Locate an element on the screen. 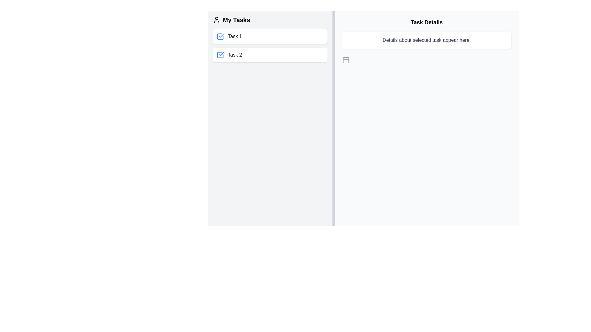 The width and height of the screenshot is (591, 332). the static text that provides descriptive information about the task details area, located in the upper part of the 'Task Details' section on the right half of the interface is located at coordinates (426, 40).